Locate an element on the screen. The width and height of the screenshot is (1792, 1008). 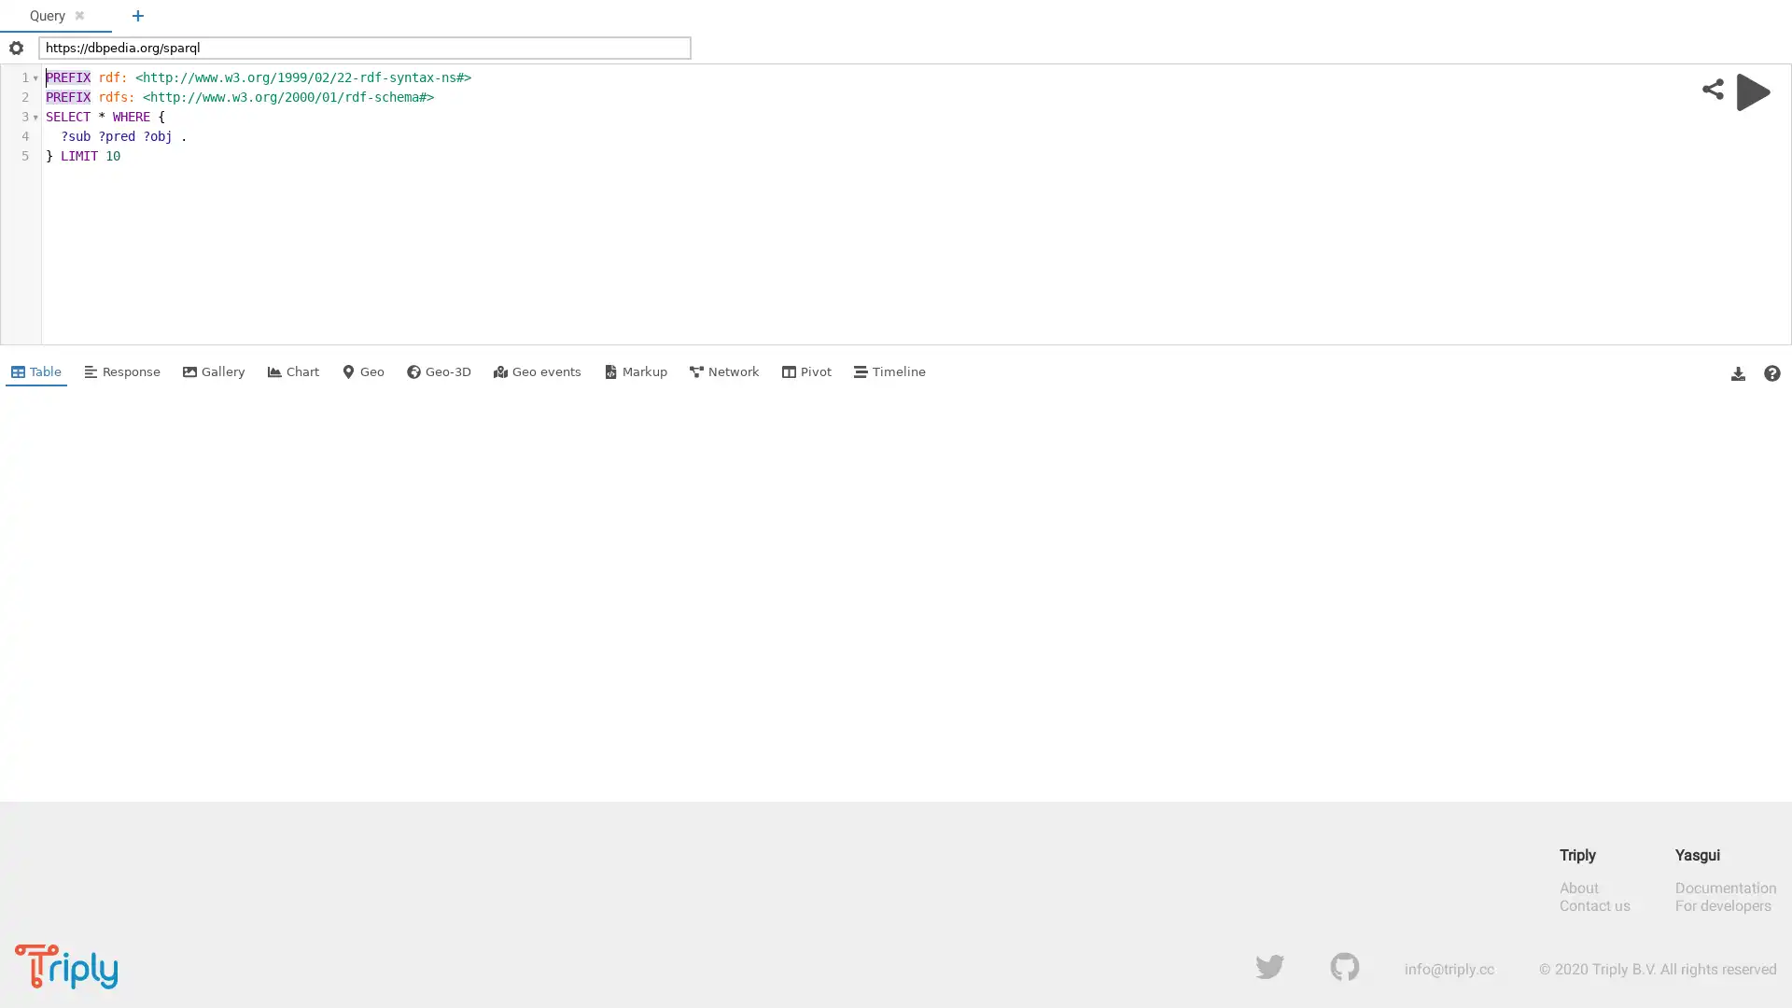
Shows Pivot view is located at coordinates (806, 372).